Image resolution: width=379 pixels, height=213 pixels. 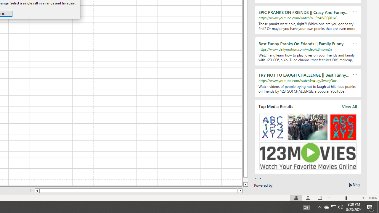 I want to click on 'Action Center, 5 new notifications', so click(x=370, y=206).